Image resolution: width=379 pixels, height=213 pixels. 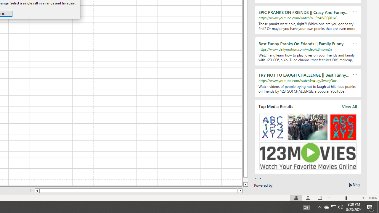 I want to click on 'Action Center, 5 new notifications', so click(x=370, y=206).